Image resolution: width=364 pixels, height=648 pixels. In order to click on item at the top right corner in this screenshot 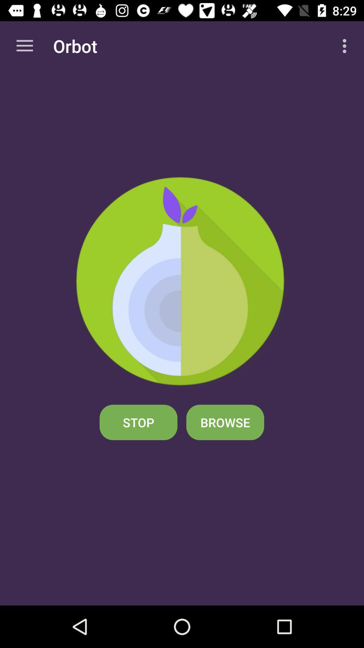, I will do `click(346, 46)`.